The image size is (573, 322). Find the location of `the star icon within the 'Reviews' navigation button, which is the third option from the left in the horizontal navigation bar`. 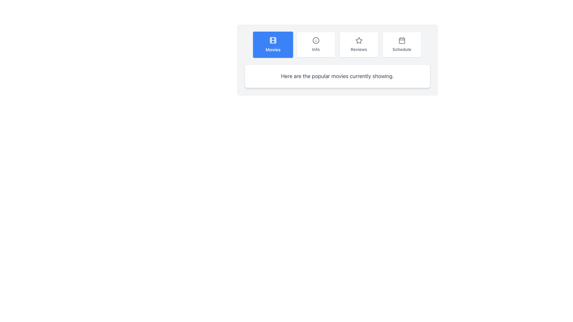

the star icon within the 'Reviews' navigation button, which is the third option from the left in the horizontal navigation bar is located at coordinates (358, 40).